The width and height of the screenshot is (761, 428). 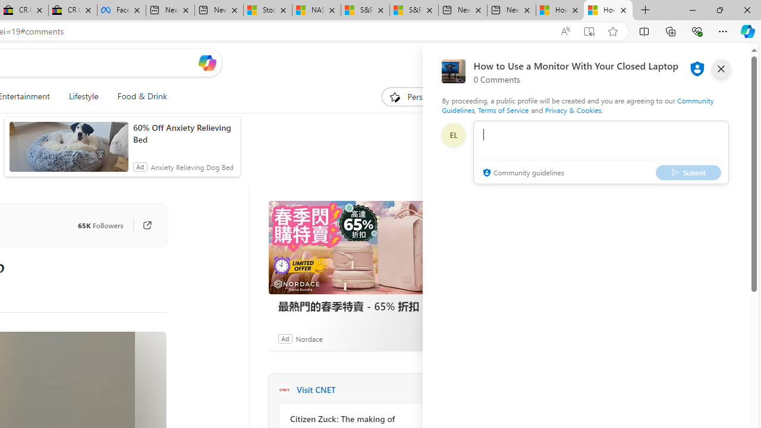 I want to click on 'Enter Immersive Reader (F9)', so click(x=589, y=31).